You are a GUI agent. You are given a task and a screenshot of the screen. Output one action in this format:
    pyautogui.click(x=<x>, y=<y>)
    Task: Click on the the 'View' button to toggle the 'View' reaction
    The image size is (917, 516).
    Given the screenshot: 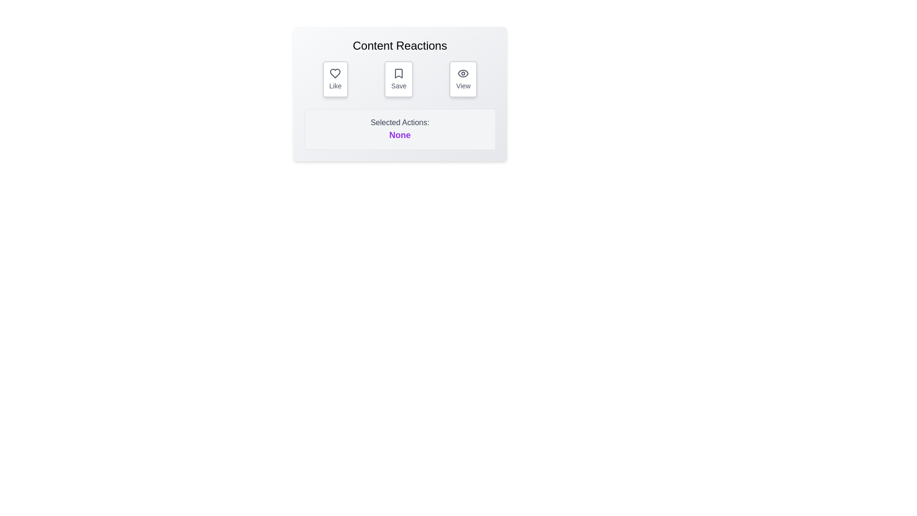 What is the action you would take?
    pyautogui.click(x=463, y=78)
    